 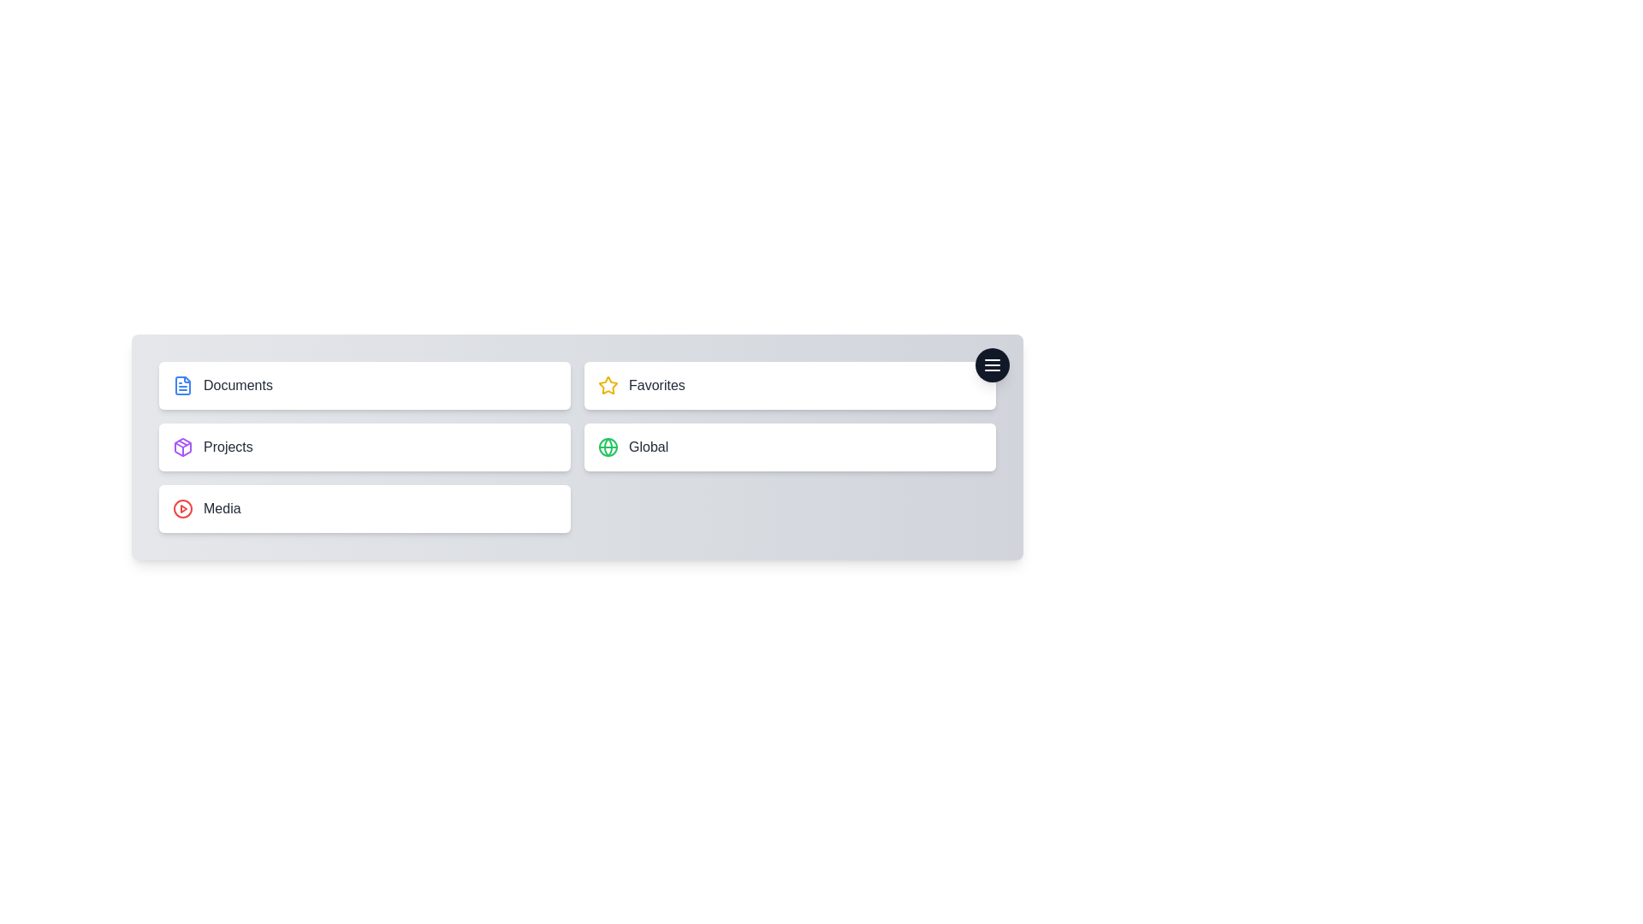 I want to click on the menu item labeled Favorites, so click(x=789, y=386).